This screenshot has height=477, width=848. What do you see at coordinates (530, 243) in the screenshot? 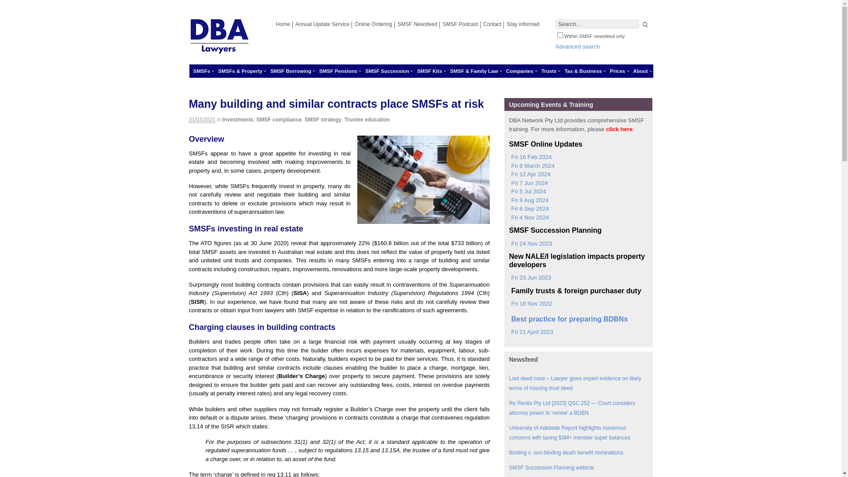
I see `'Fri 24 Nov 2023'` at bounding box center [530, 243].